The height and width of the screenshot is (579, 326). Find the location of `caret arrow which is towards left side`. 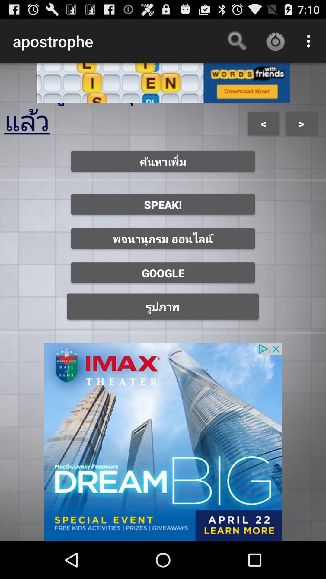

caret arrow which is towards left side is located at coordinates (263, 123).